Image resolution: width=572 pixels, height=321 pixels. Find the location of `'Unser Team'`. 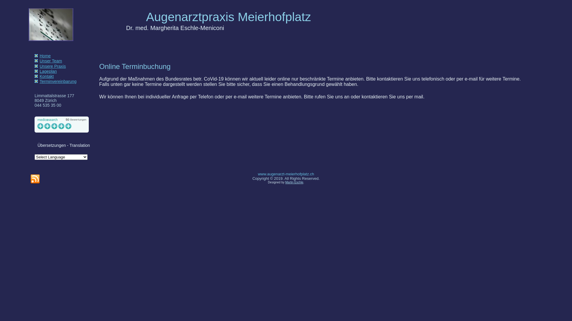

'Unser Team' is located at coordinates (51, 61).